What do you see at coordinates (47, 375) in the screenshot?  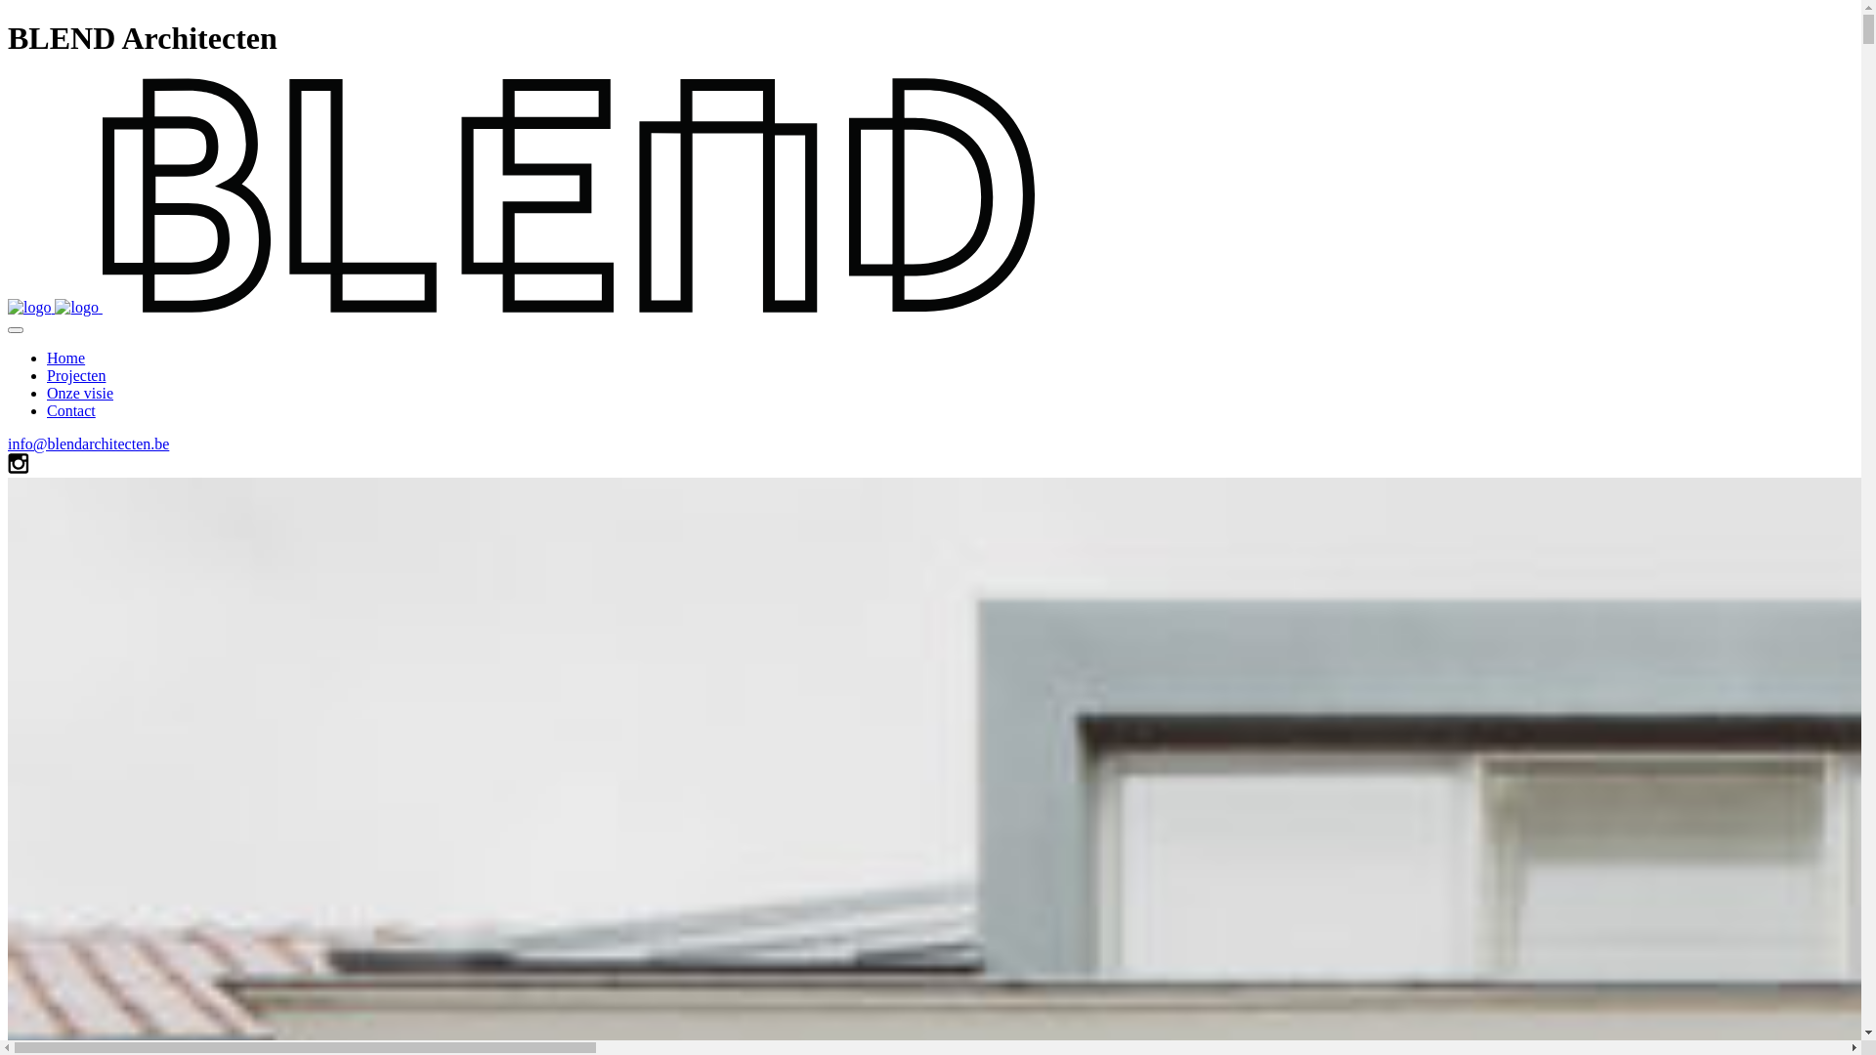 I see `'Projecten'` at bounding box center [47, 375].